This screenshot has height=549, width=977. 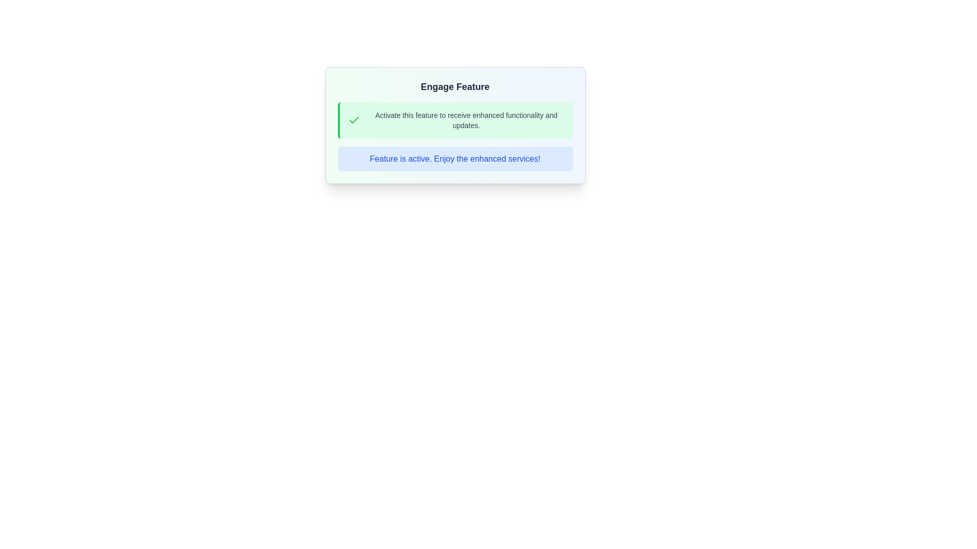 I want to click on the check mark icon, which is visually represented as a confirmation symbol located within a green notification box to the left of the text 'Activate this feature to receive enhanced functionality and updates.', so click(x=354, y=119).